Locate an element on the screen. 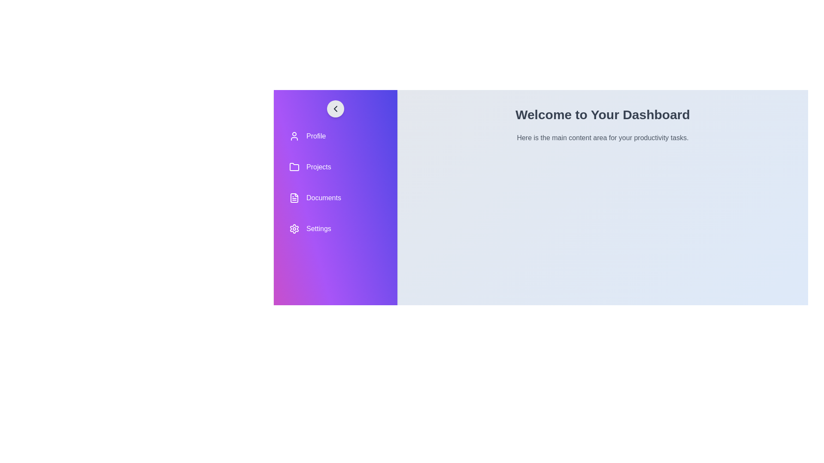 The image size is (824, 463). the navigation item labeled Profile is located at coordinates (335, 135).